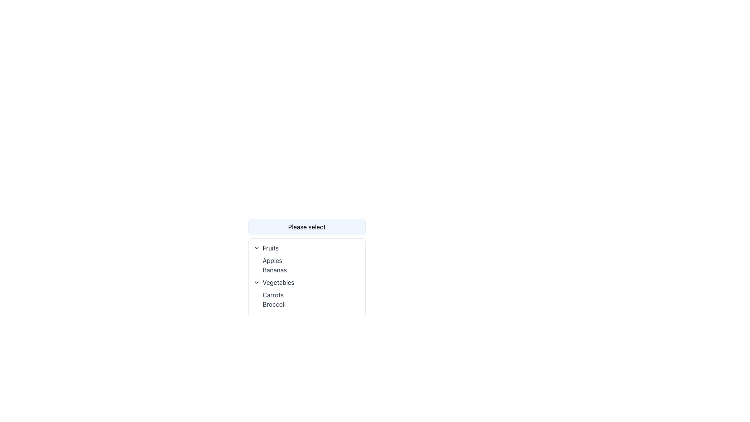 This screenshot has width=750, height=422. What do you see at coordinates (278, 282) in the screenshot?
I see `on the 'Vegetables' text label located in the dropdown menu, styled in dark gray, positioned between 'Fruits' and 'Carrots'` at bounding box center [278, 282].